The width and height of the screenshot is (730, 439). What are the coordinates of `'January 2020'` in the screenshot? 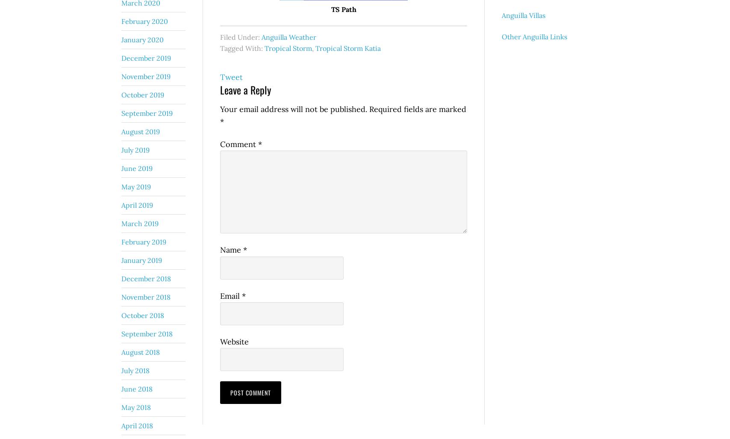 It's located at (142, 39).